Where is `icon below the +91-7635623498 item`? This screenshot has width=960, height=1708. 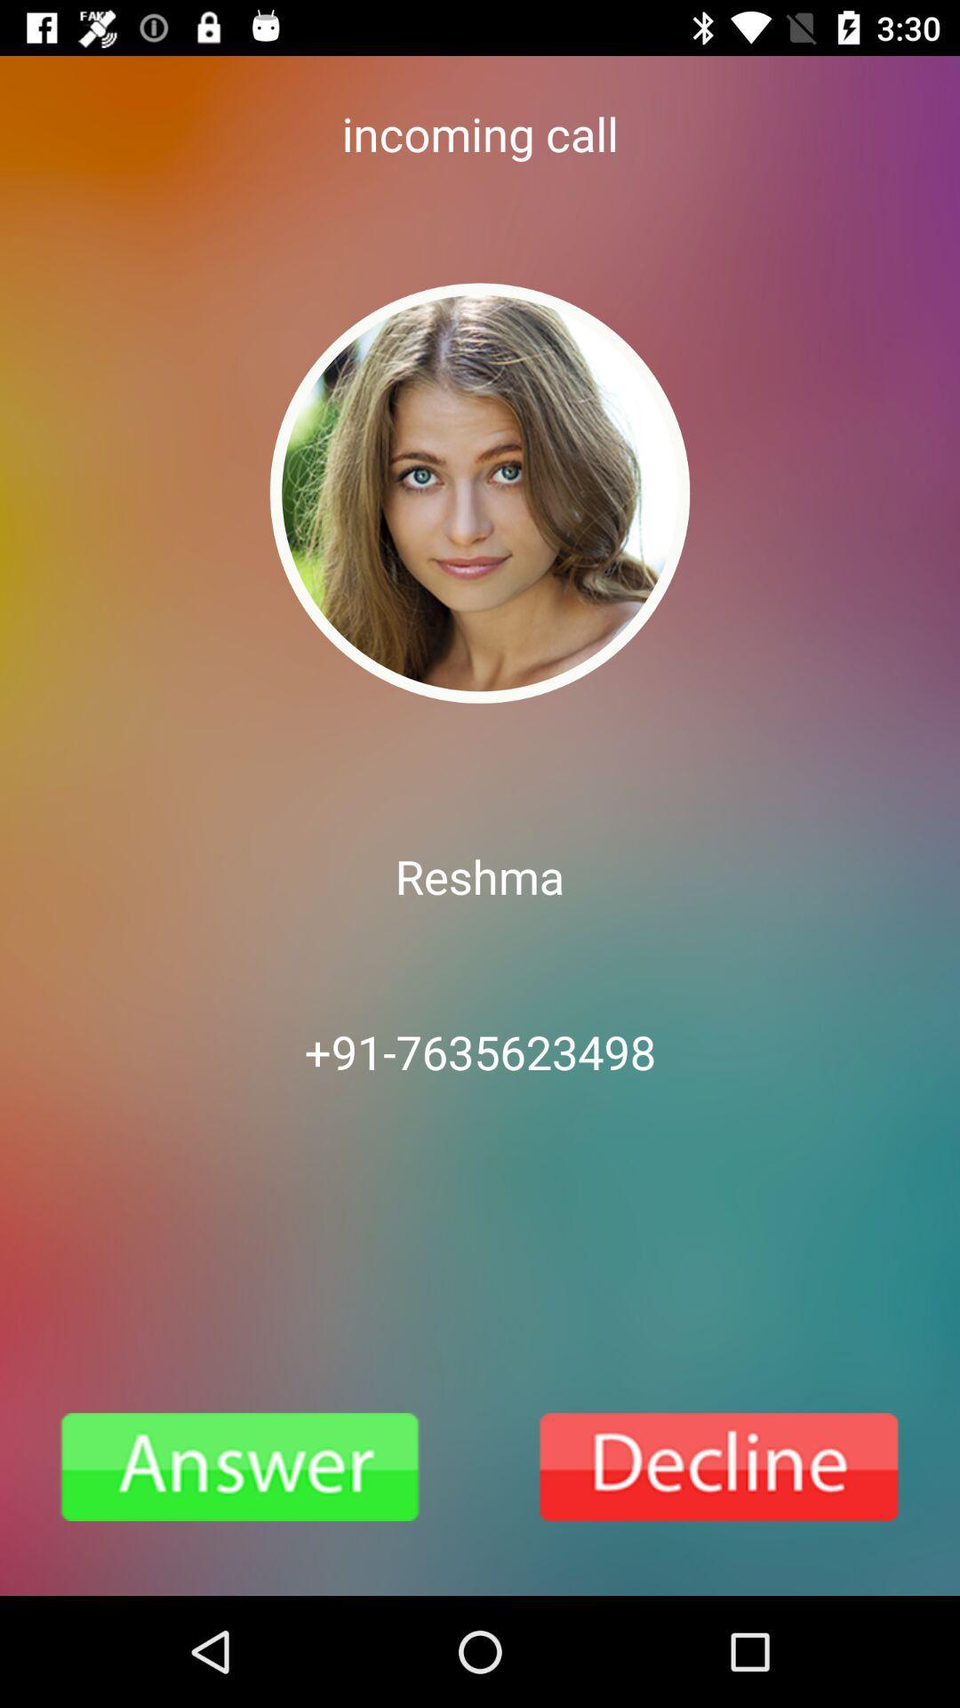
icon below the +91-7635623498 item is located at coordinates (240, 1467).